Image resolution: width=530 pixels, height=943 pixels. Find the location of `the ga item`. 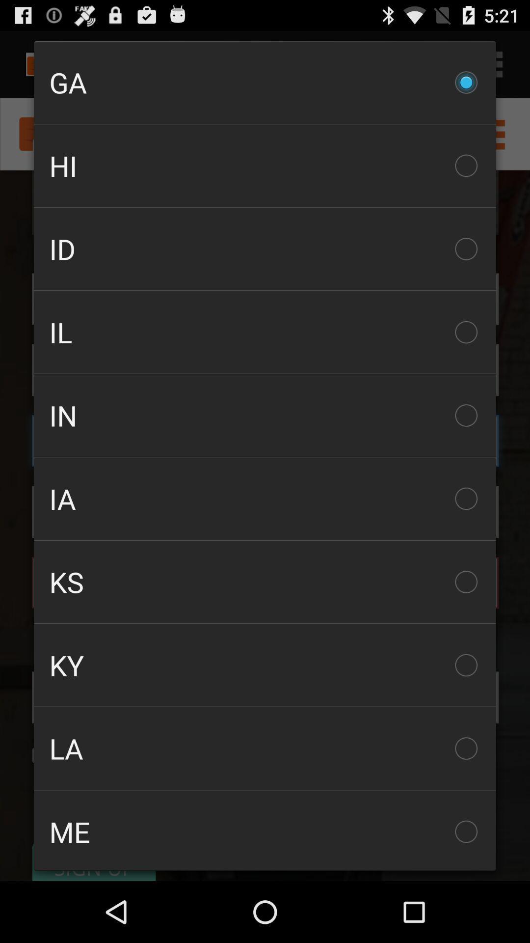

the ga item is located at coordinates (265, 83).